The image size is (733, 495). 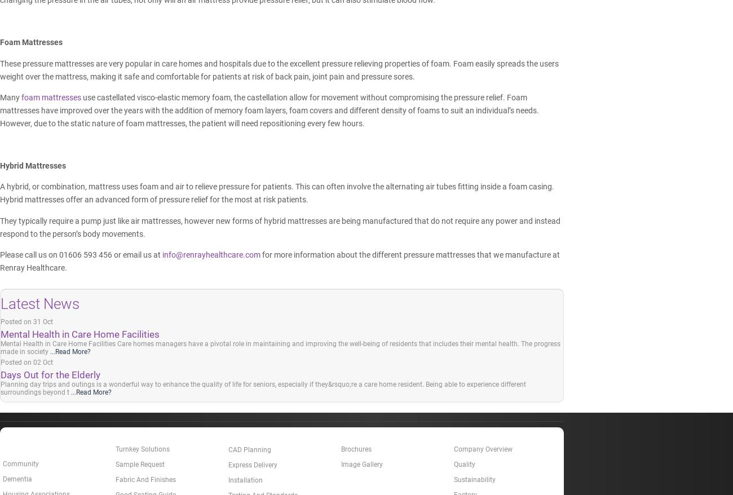 What do you see at coordinates (39, 303) in the screenshot?
I see `'Latest News'` at bounding box center [39, 303].